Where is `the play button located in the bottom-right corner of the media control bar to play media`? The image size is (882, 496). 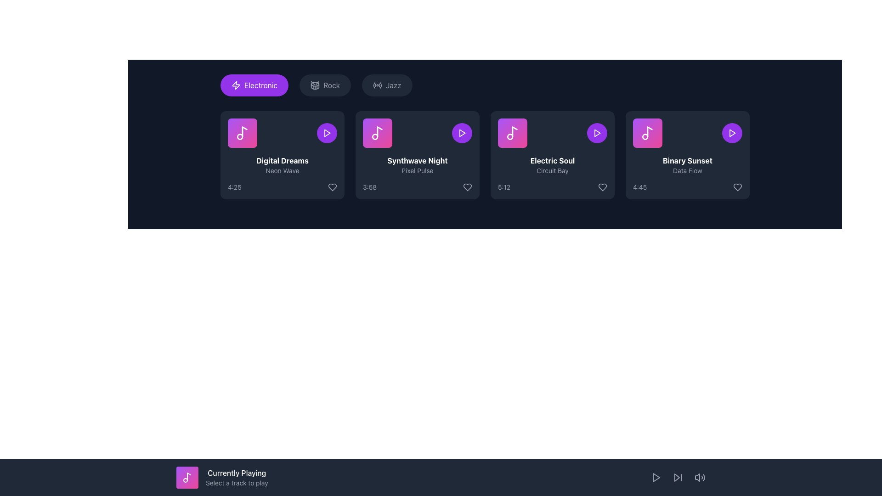
the play button located in the bottom-right corner of the media control bar to play media is located at coordinates (656, 477).